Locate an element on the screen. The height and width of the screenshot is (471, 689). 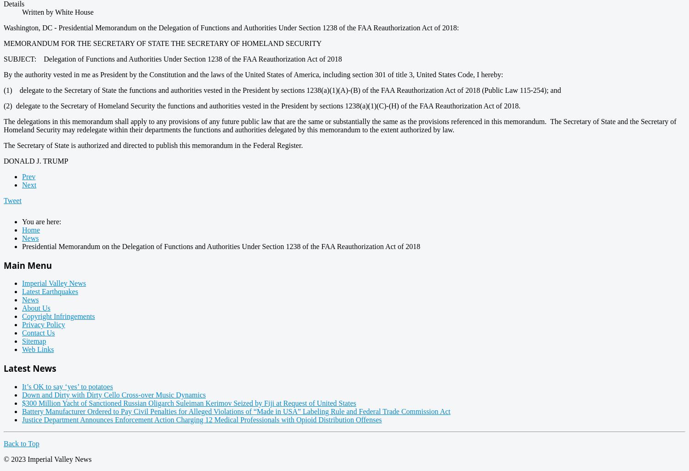
'Washington, DC - Presidential Memorandum on the Delegation of Functions and Authorities Under Section 1238 of the FAA Reauthorization Act of 2018:' is located at coordinates (231, 27).